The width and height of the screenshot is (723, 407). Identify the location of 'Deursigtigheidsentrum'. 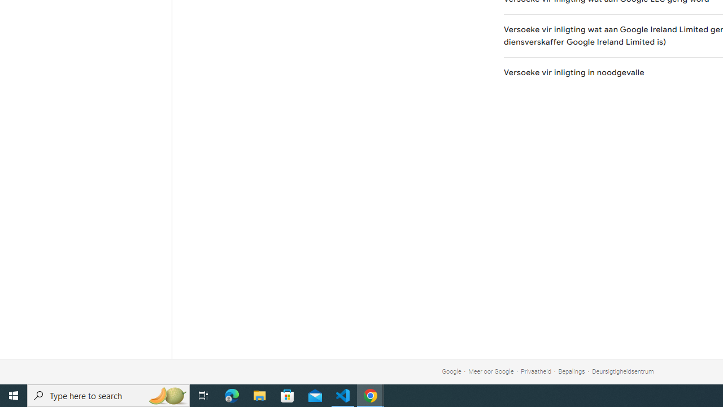
(622, 371).